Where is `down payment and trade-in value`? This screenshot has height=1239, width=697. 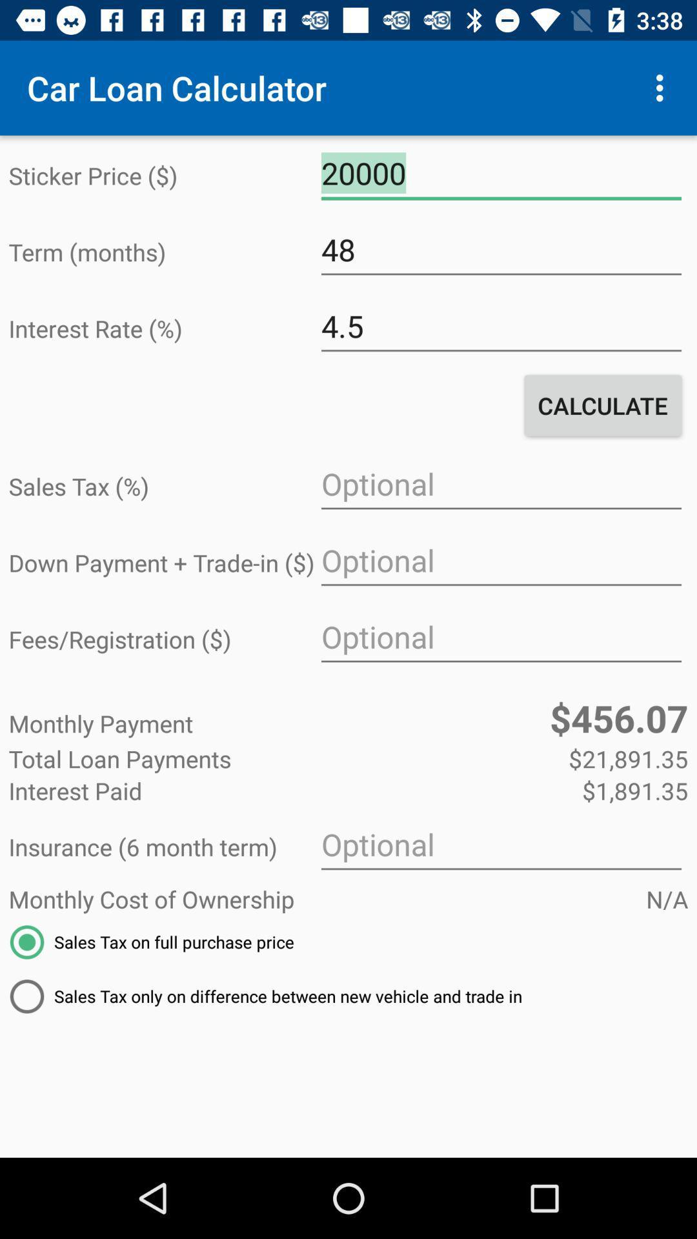
down payment and trade-in value is located at coordinates (500, 561).